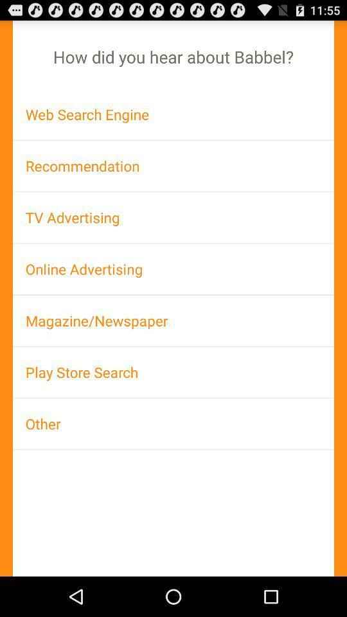  I want to click on icon below the how did you, so click(173, 114).